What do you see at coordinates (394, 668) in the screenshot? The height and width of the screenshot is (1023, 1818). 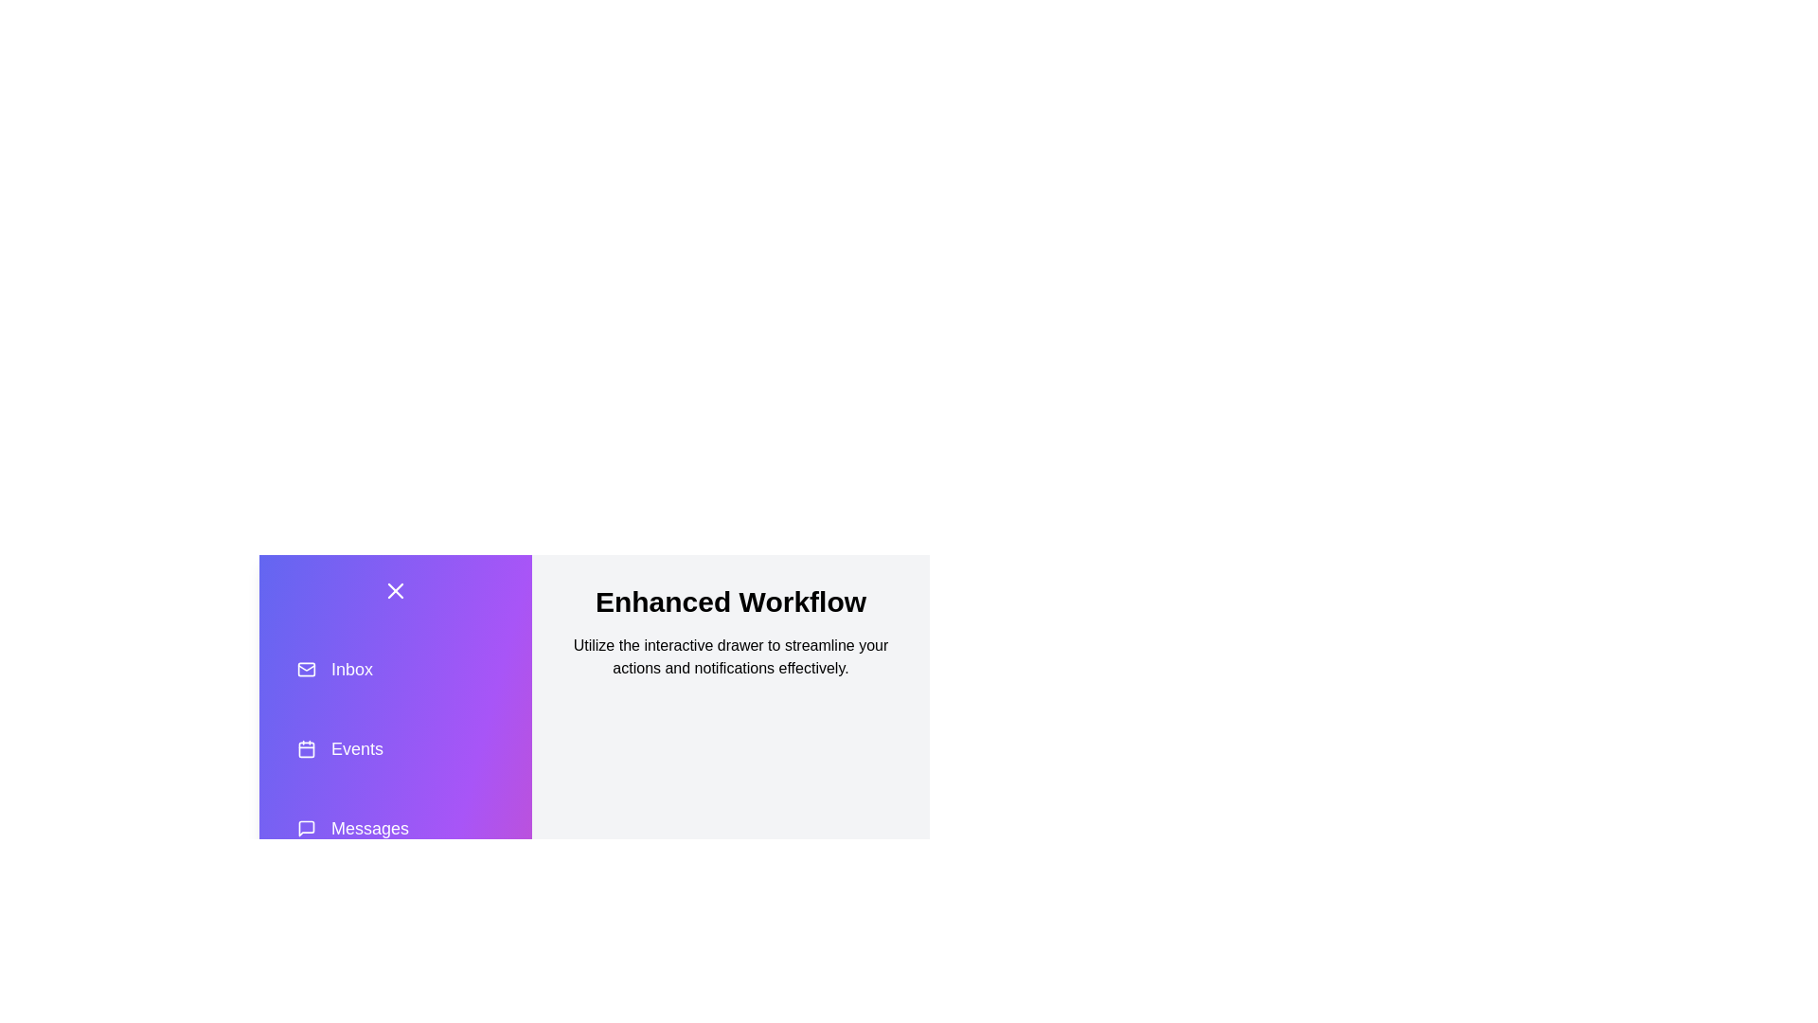 I see `the action item Inbox in the drawer` at bounding box center [394, 668].